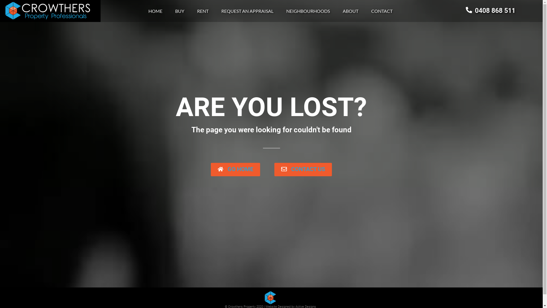 The width and height of the screenshot is (547, 308). Describe the element at coordinates (235, 169) in the screenshot. I see `'GO HOME'` at that location.